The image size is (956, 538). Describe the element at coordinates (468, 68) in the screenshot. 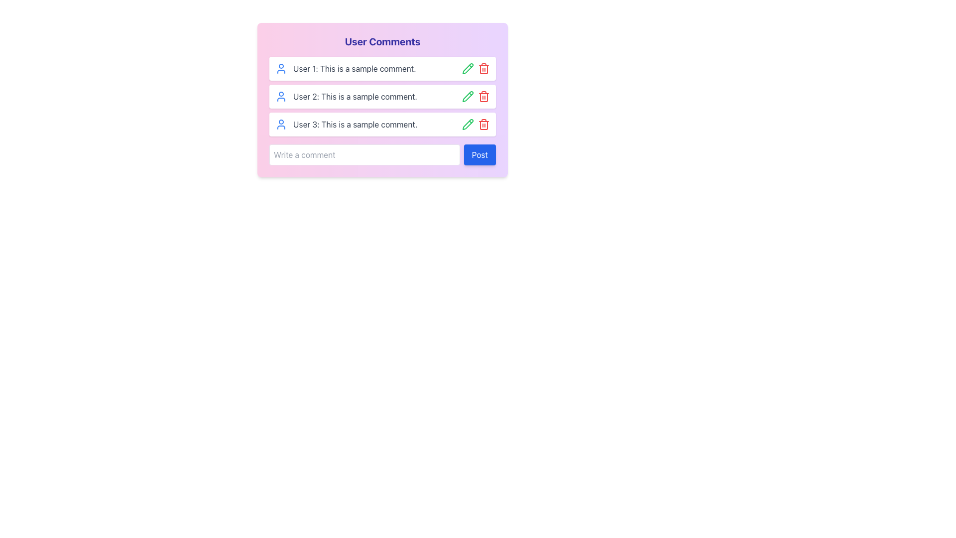

I see `the green pencil icon button located on the right side of the row for 'User 1: This is a sample comment.' to initiate editing` at that location.